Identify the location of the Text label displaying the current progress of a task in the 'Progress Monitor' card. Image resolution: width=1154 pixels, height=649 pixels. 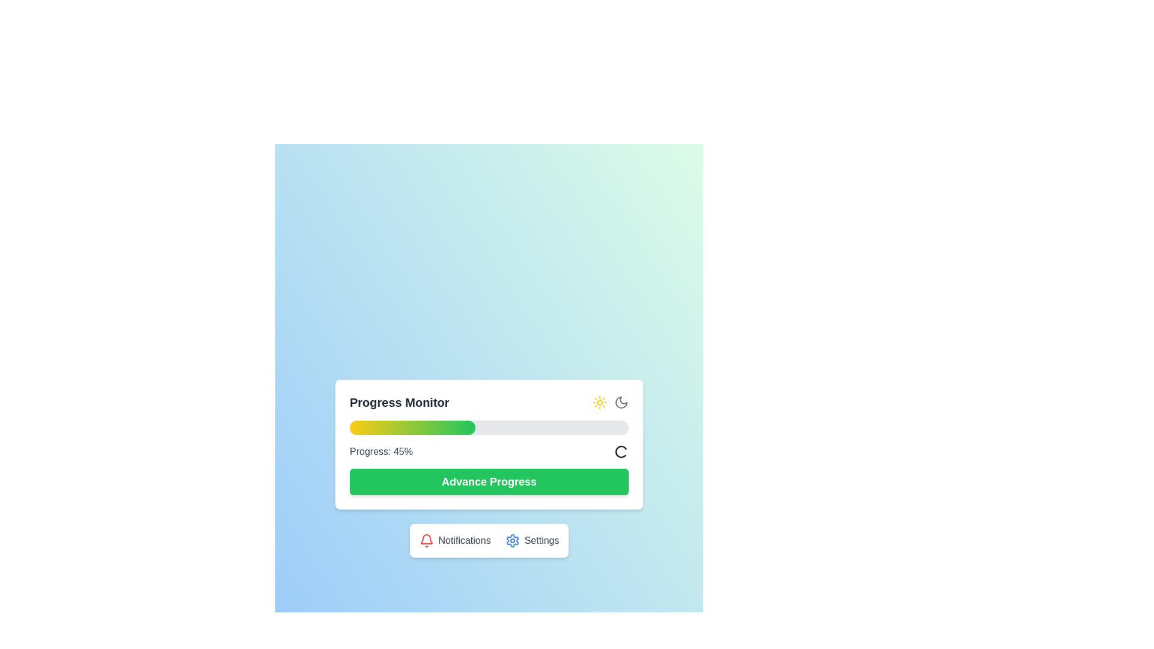
(380, 452).